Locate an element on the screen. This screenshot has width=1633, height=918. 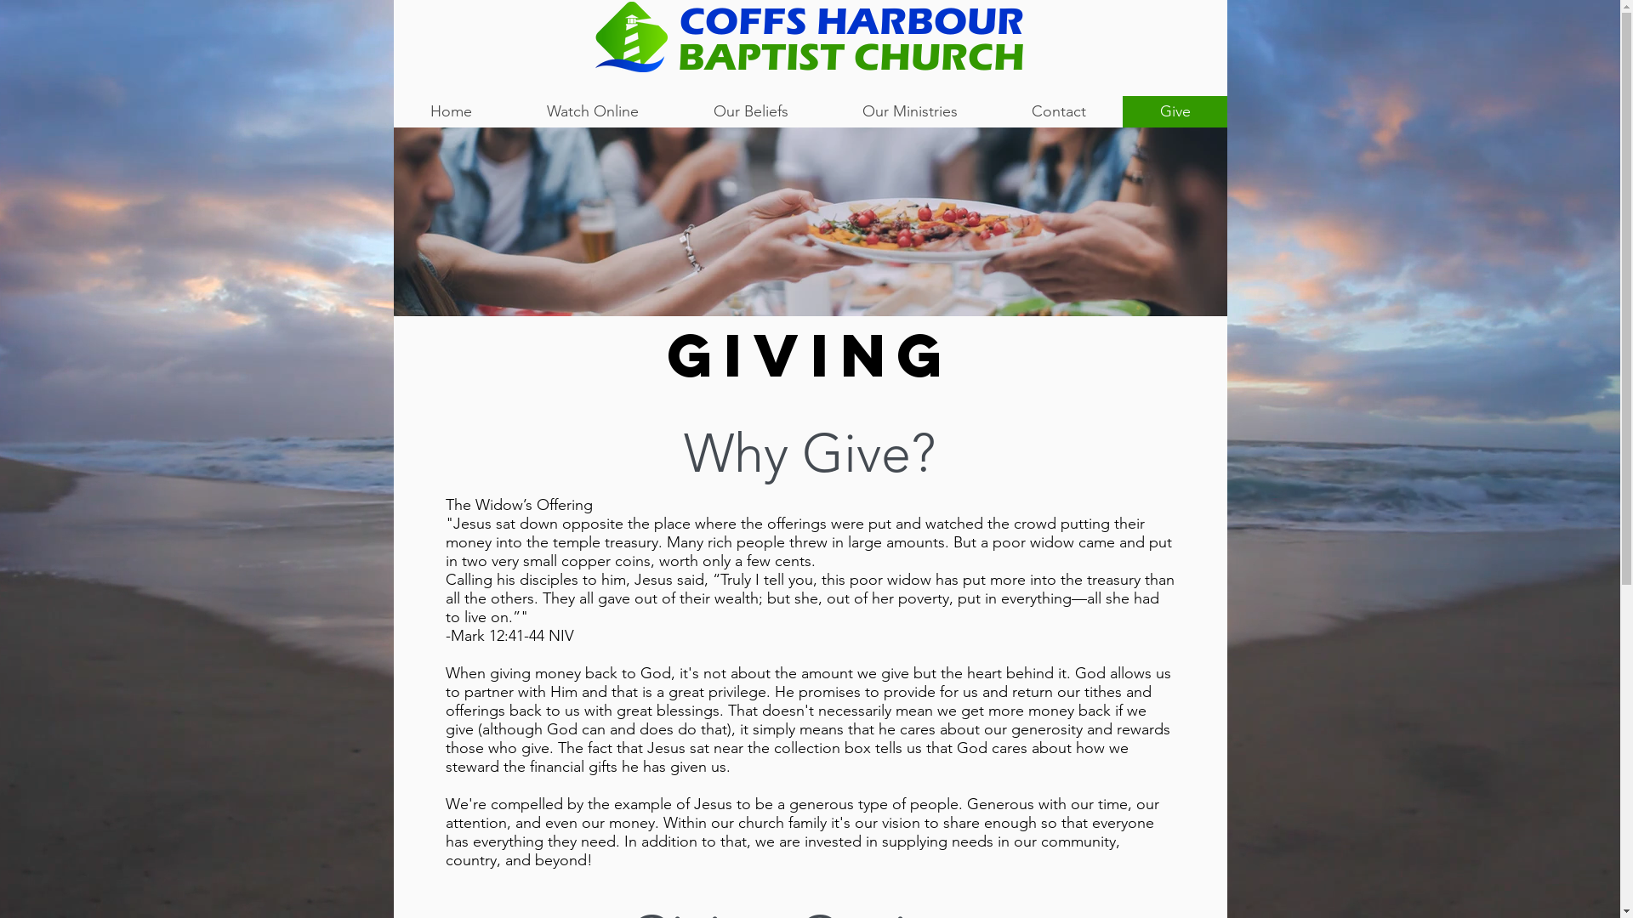
'Contact' is located at coordinates (1056, 111).